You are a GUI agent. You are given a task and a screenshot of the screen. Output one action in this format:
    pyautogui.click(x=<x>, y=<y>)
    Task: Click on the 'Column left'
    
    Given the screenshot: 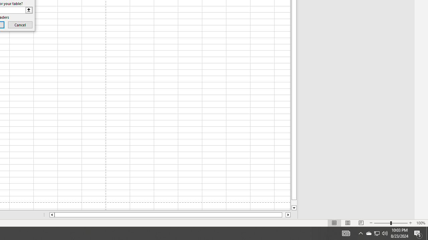 What is the action you would take?
    pyautogui.click(x=51, y=215)
    